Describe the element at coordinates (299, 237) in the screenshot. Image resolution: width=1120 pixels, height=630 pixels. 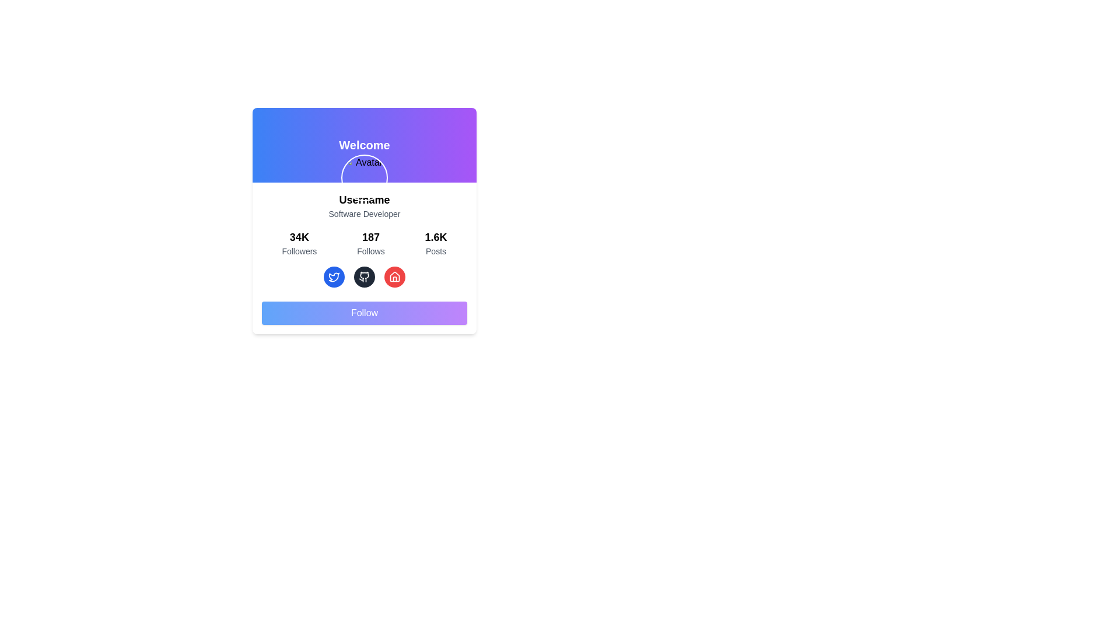
I see `the text label displaying '34K', which is the first numerical value in a row of three, located above 'Followers'` at that location.